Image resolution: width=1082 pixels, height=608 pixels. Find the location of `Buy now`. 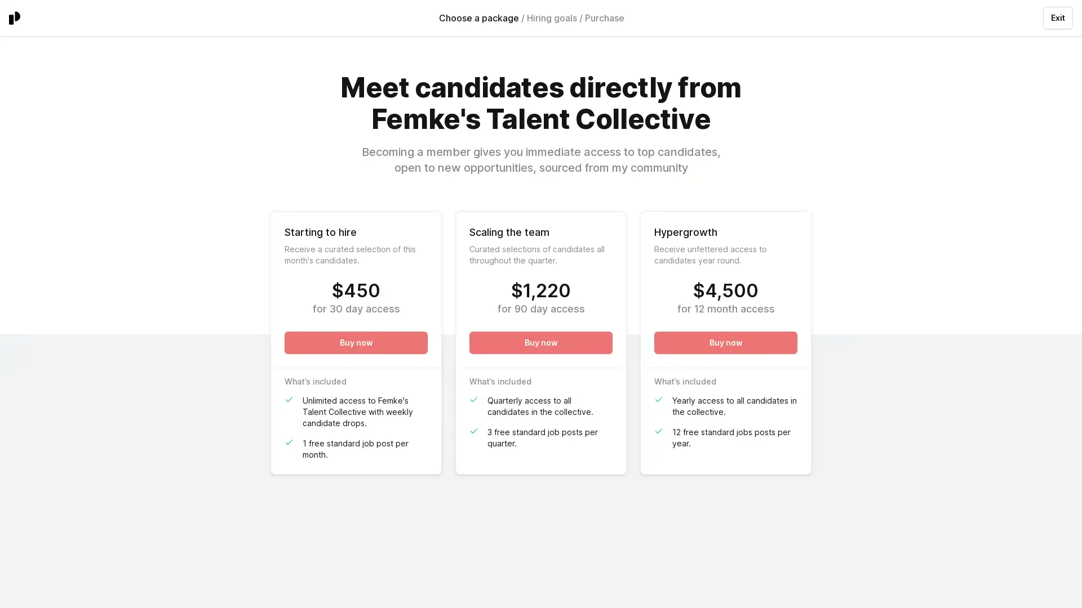

Buy now is located at coordinates (541, 342).